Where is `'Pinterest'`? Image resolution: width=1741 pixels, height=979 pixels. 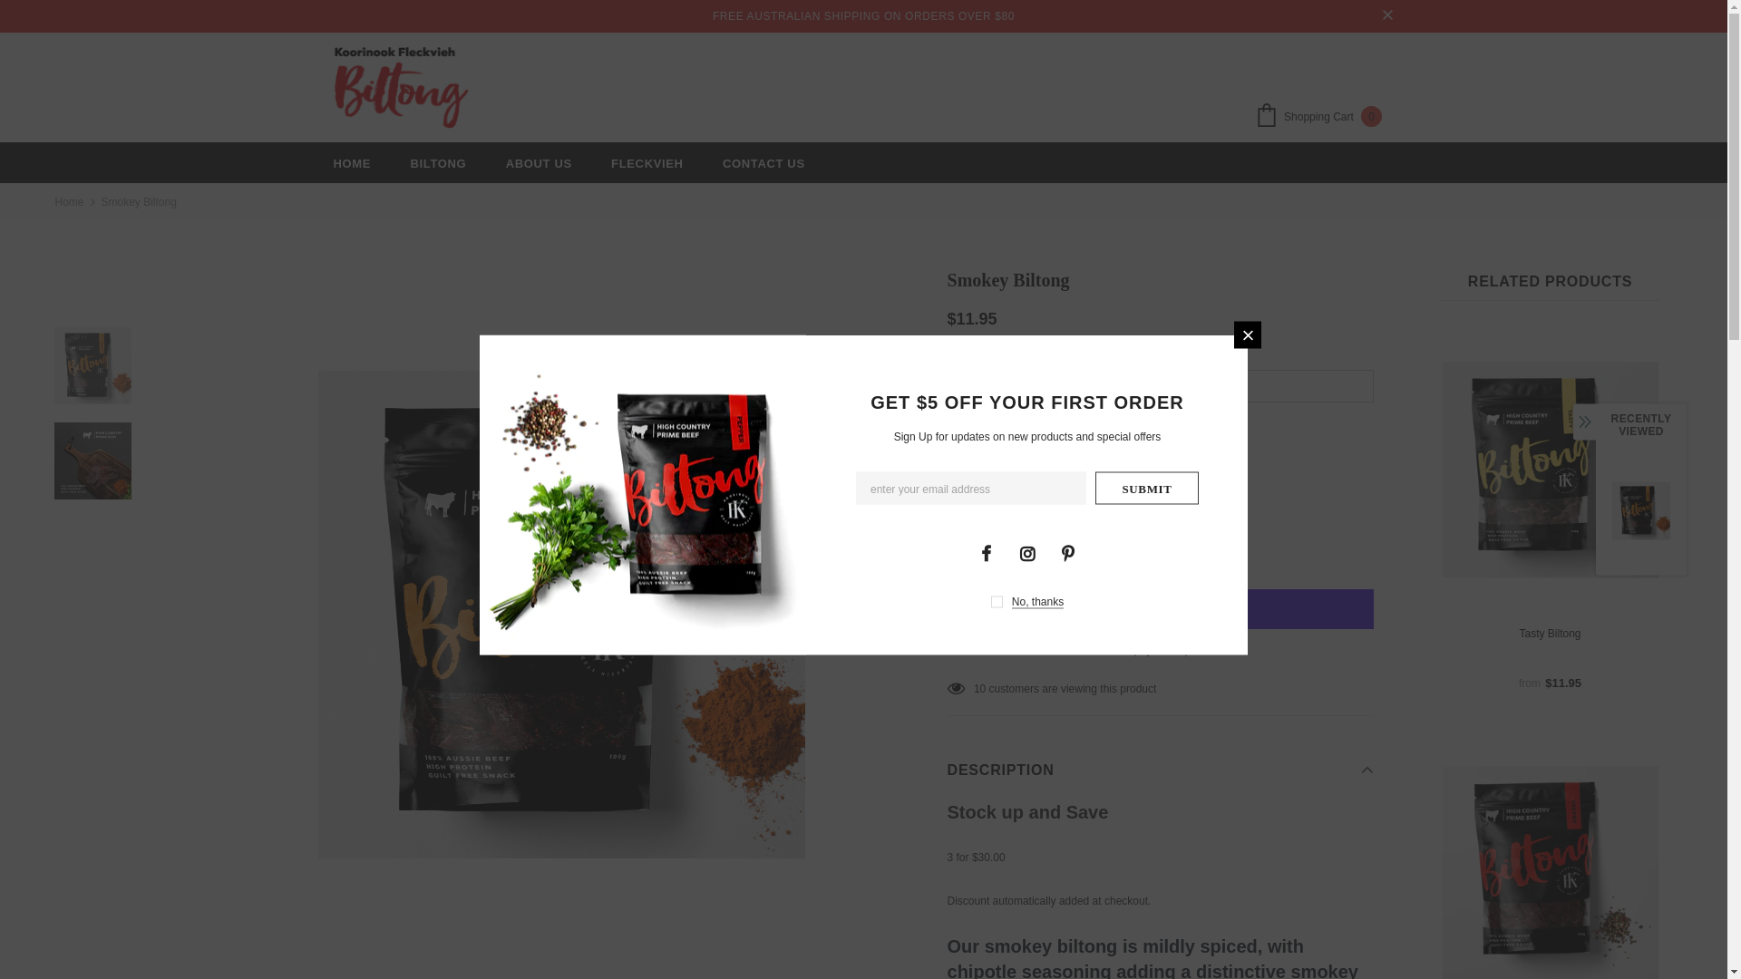
'Pinterest' is located at coordinates (1066, 551).